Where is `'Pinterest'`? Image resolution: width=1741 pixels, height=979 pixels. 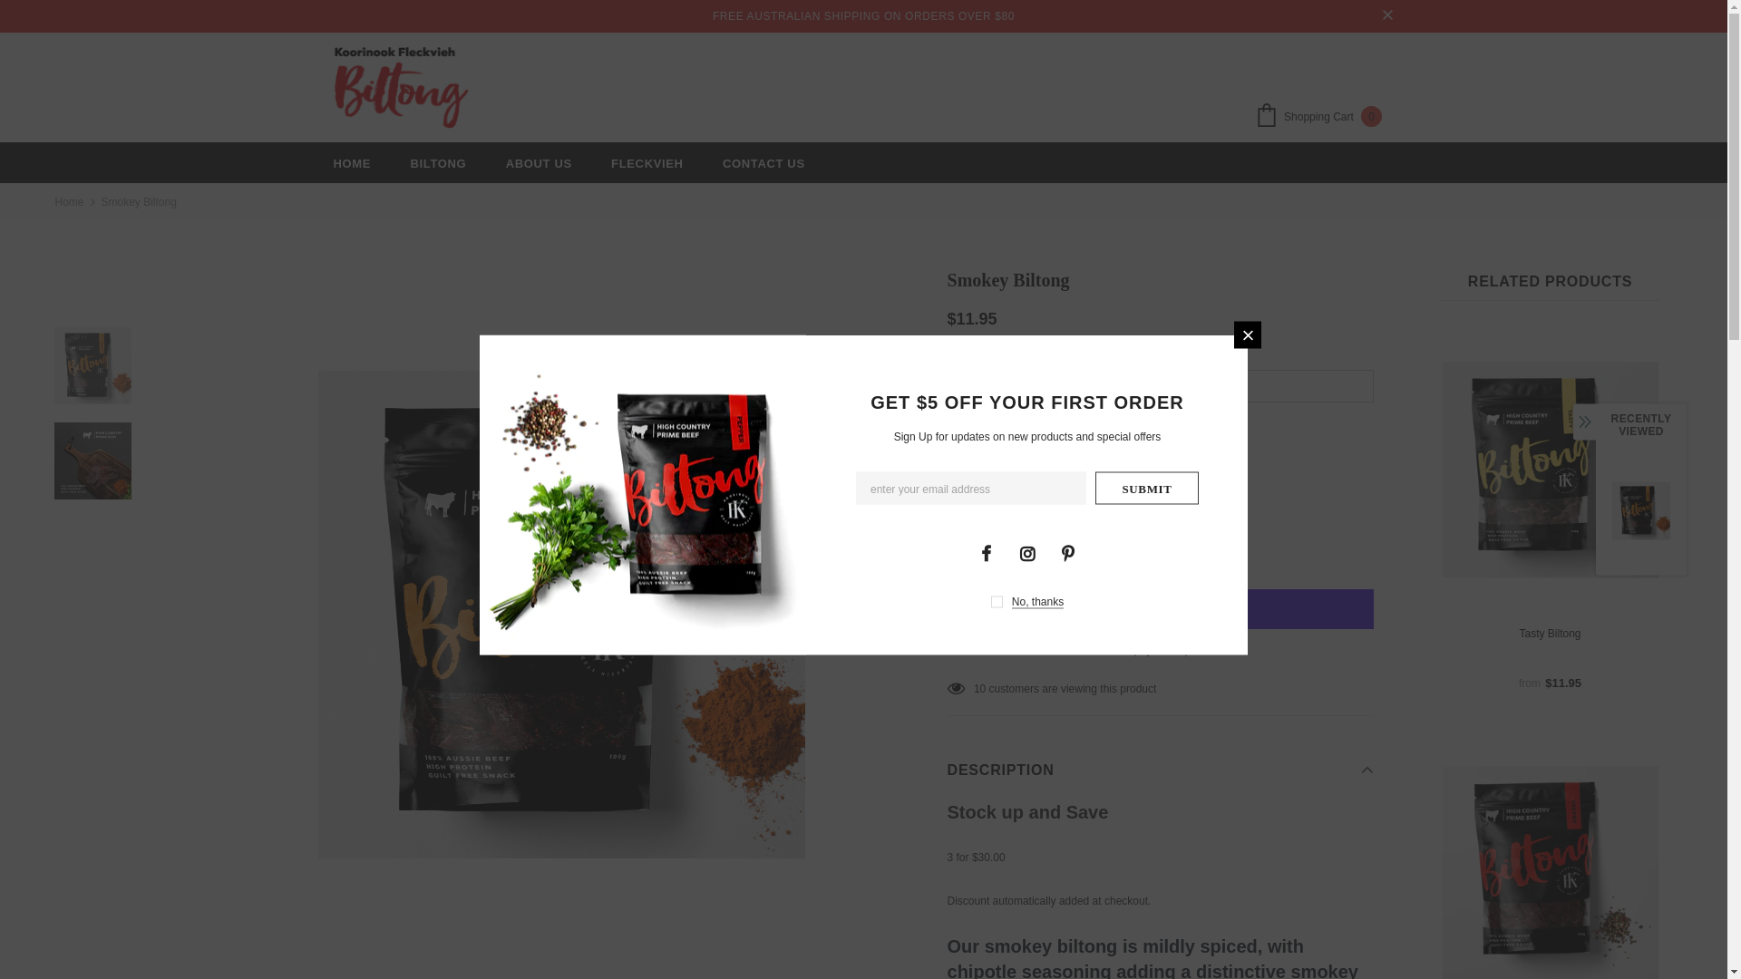
'Pinterest' is located at coordinates (1066, 551).